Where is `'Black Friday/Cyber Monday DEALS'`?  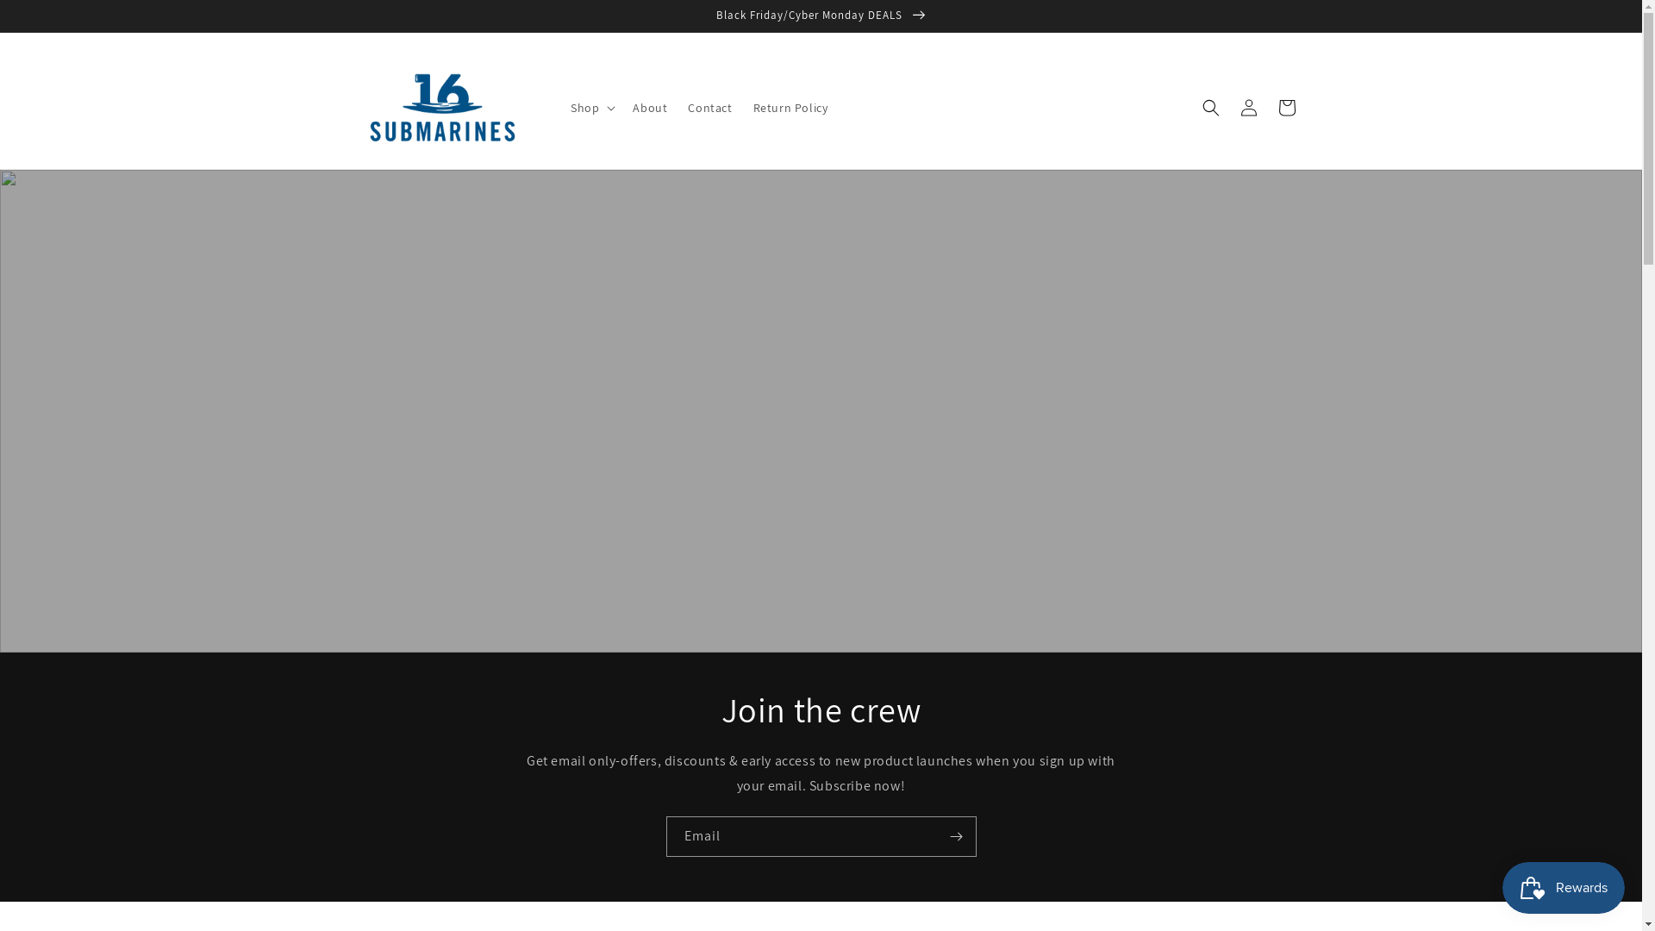
'Black Friday/Cyber Monday DEALS' is located at coordinates (820, 16).